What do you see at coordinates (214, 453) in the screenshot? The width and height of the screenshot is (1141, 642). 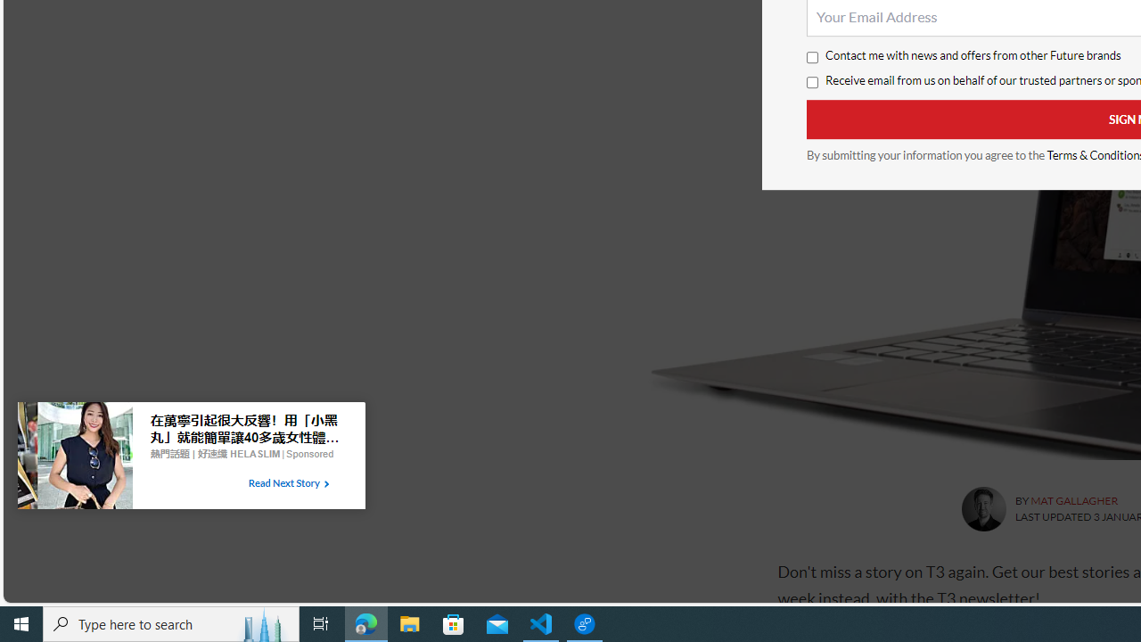 I see `'Branding in Taboola advertising section'` at bounding box center [214, 453].